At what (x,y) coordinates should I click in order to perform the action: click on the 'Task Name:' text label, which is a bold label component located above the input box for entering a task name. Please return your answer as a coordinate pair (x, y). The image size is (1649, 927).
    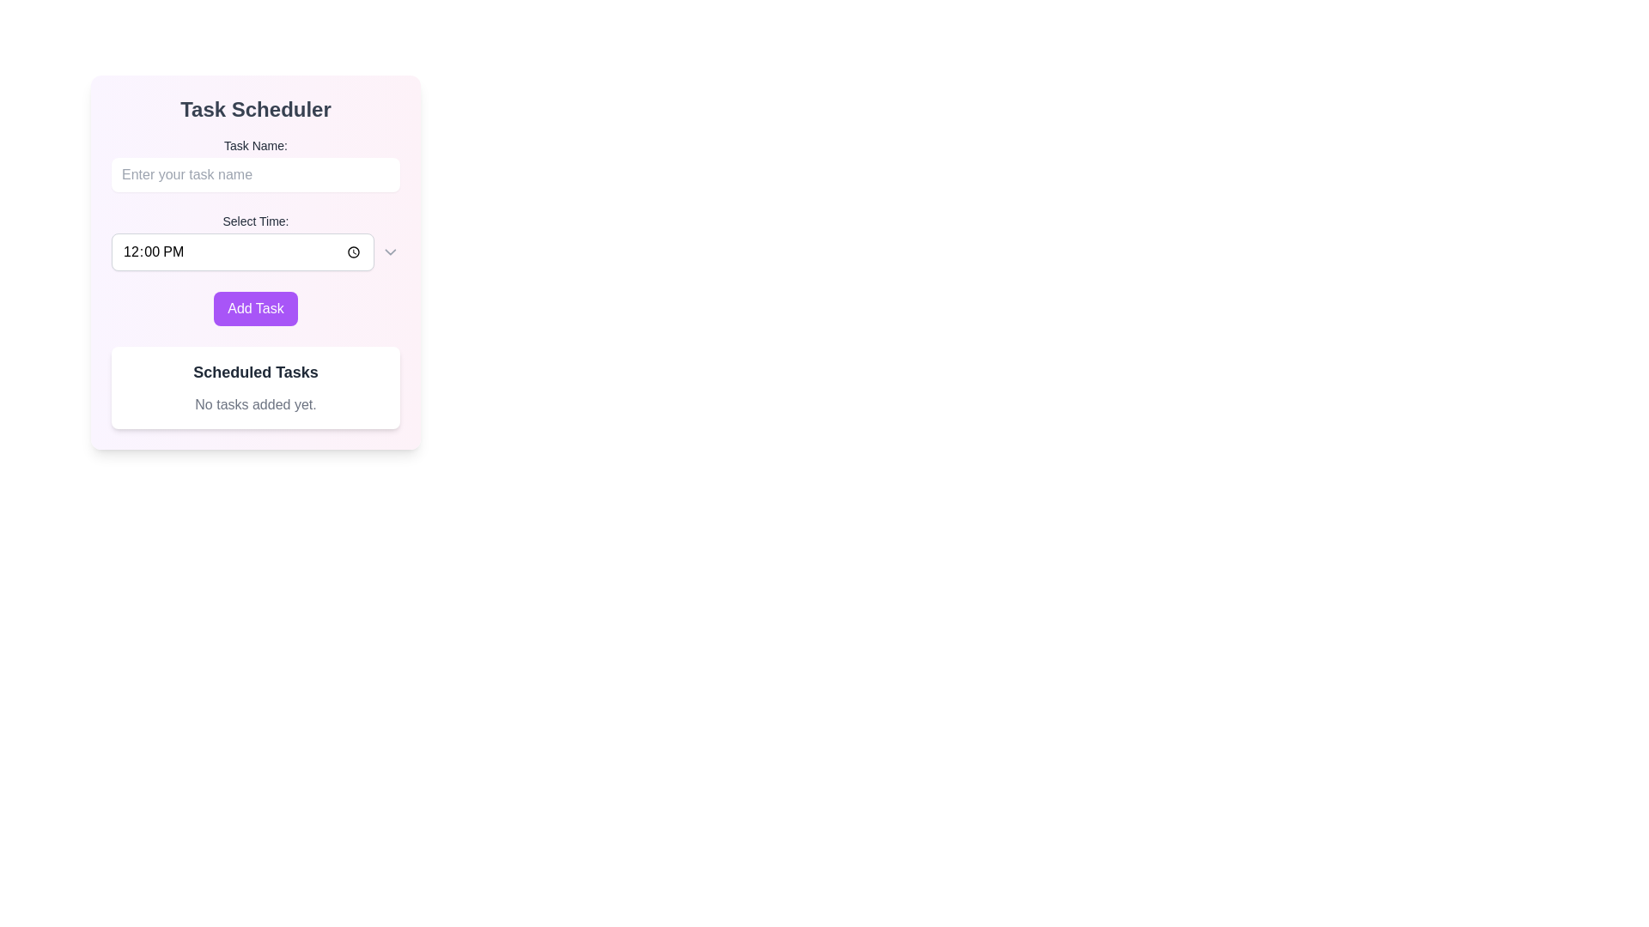
    Looking at the image, I should click on (254, 144).